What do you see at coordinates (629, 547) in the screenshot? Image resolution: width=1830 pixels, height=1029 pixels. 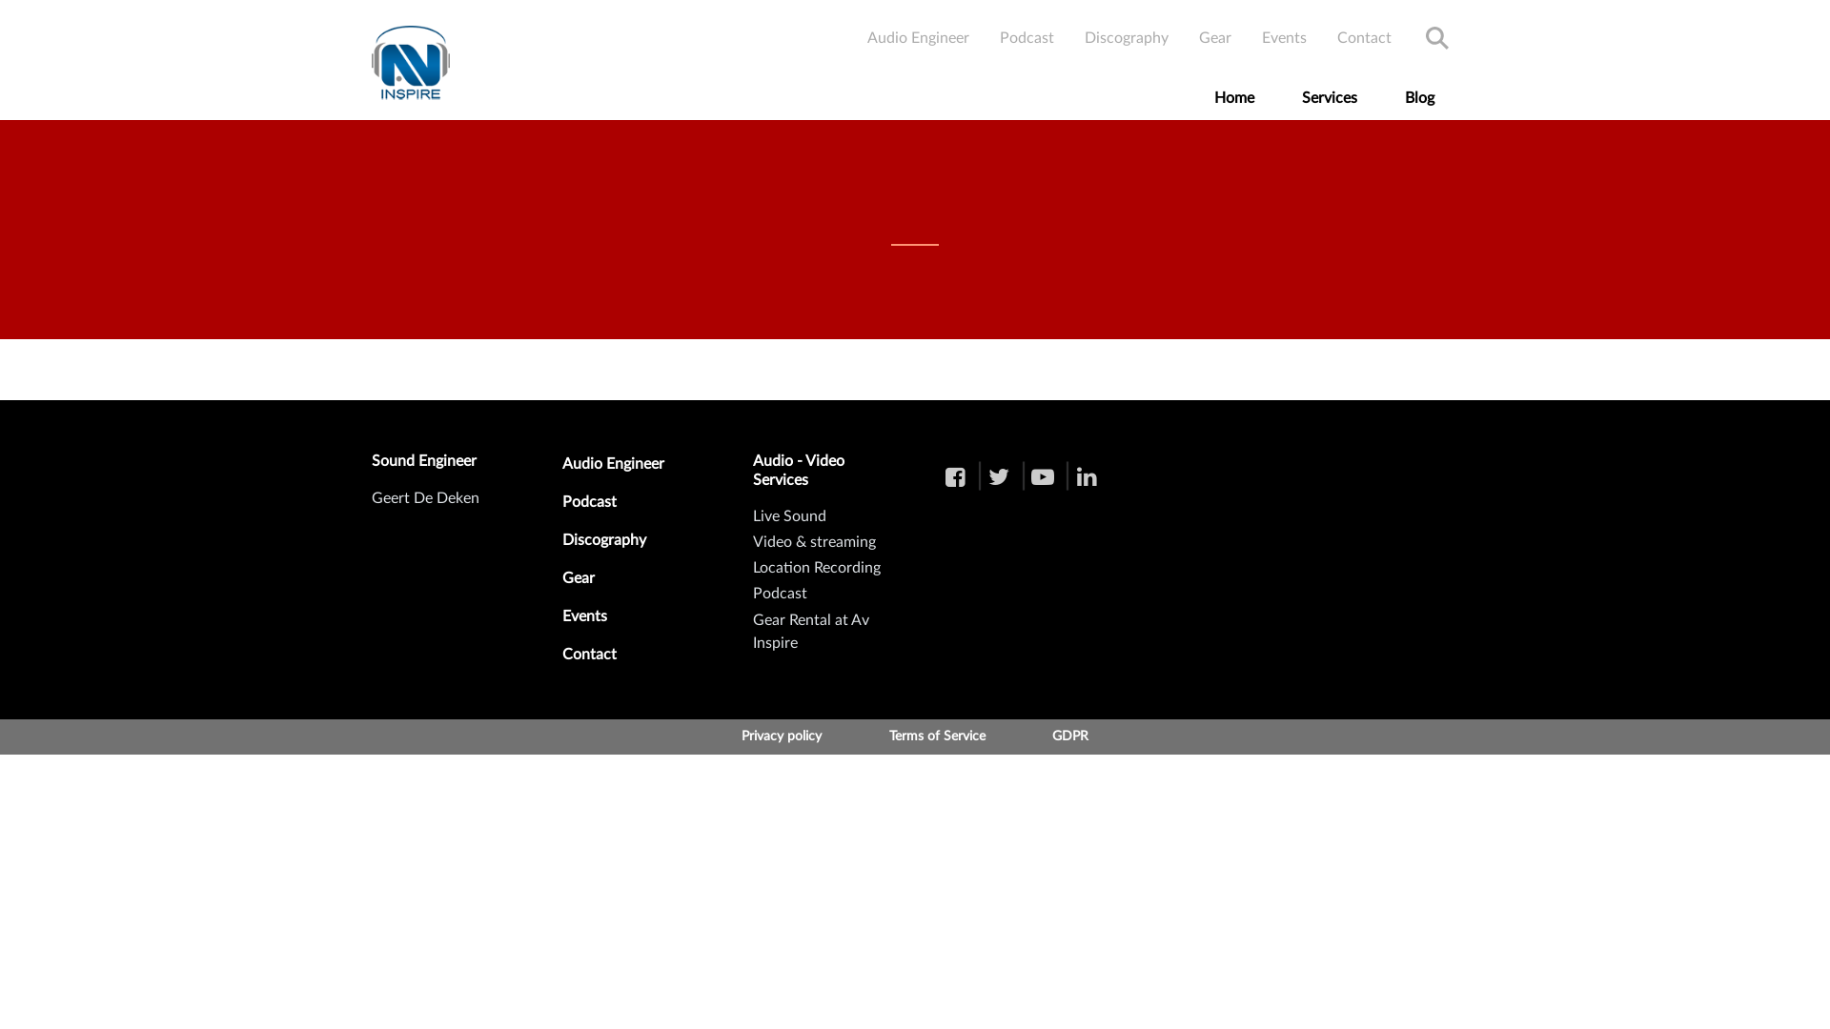 I see `'Discography'` at bounding box center [629, 547].